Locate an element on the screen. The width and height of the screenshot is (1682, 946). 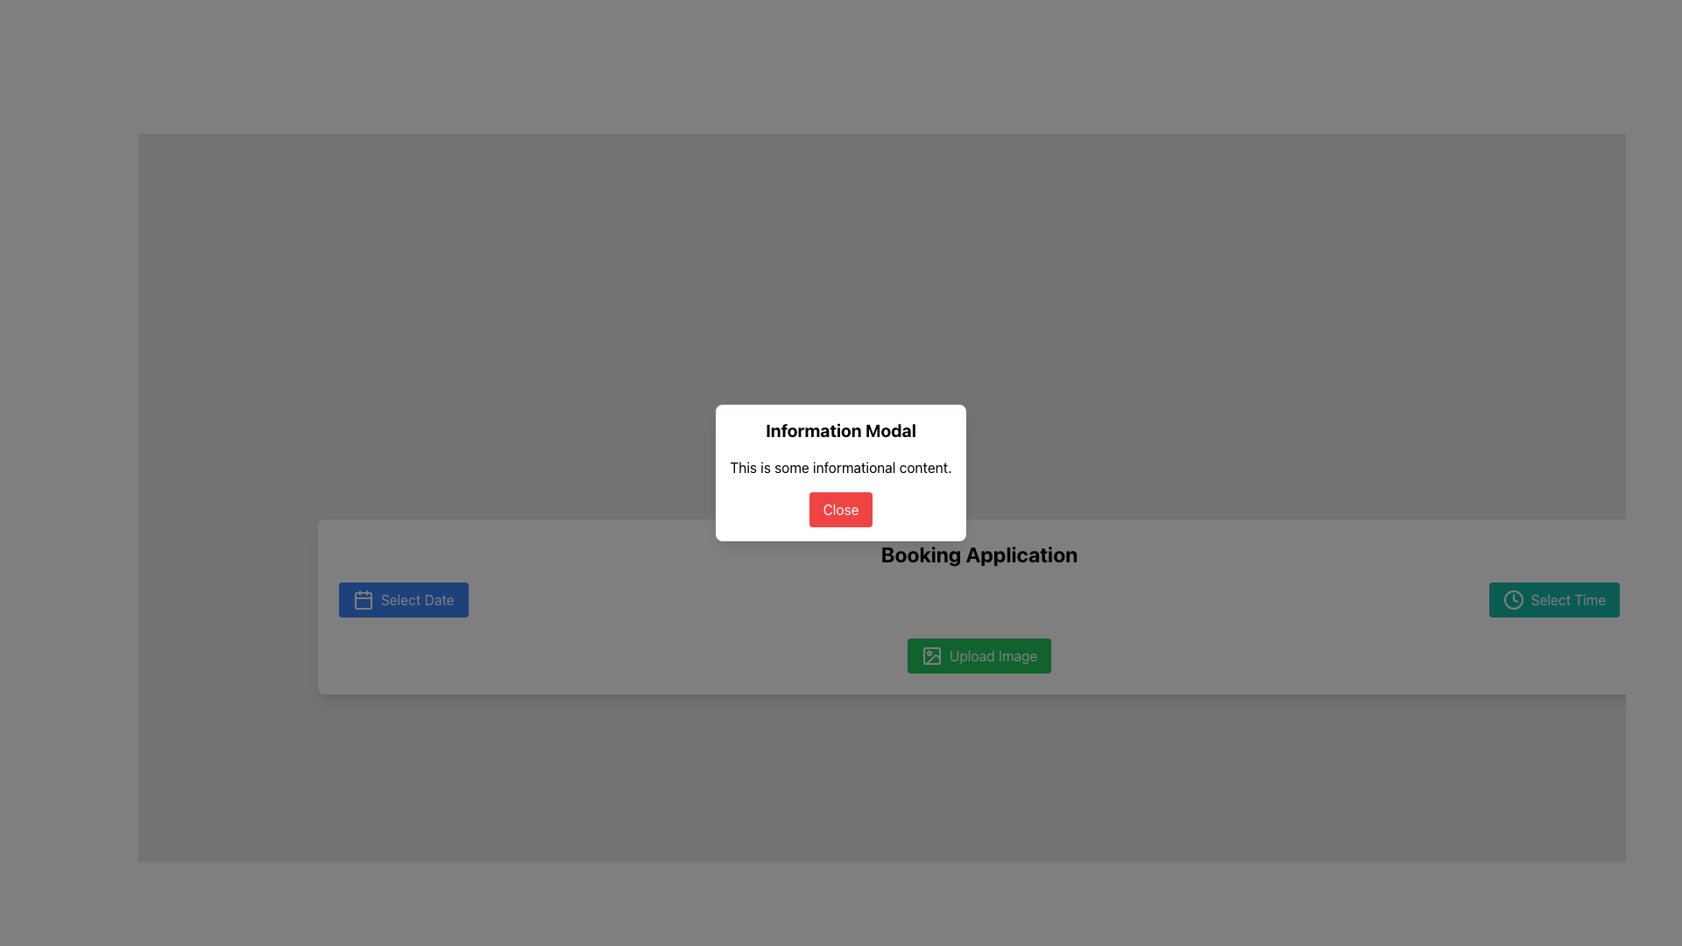
the close button located at the bottom of the modal dialog is located at coordinates (841, 510).